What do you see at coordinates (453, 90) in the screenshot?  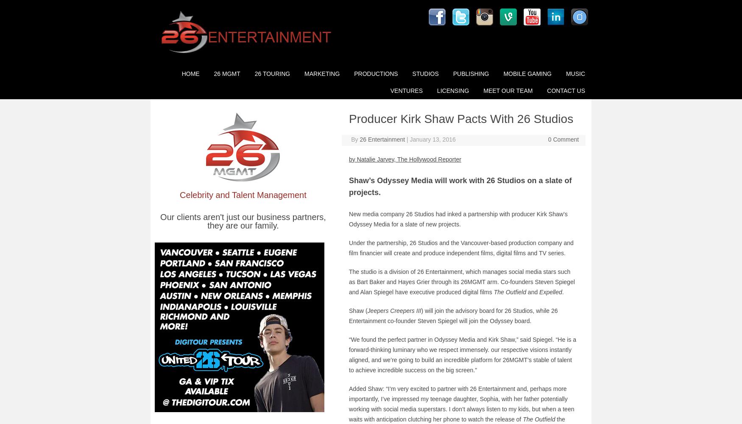 I see `'Licensing'` at bounding box center [453, 90].